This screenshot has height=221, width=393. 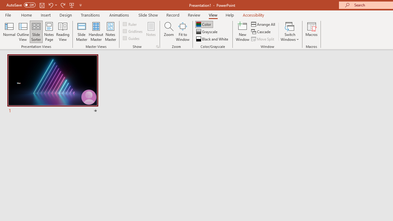 What do you see at coordinates (151, 32) in the screenshot?
I see `'Notes'` at bounding box center [151, 32].